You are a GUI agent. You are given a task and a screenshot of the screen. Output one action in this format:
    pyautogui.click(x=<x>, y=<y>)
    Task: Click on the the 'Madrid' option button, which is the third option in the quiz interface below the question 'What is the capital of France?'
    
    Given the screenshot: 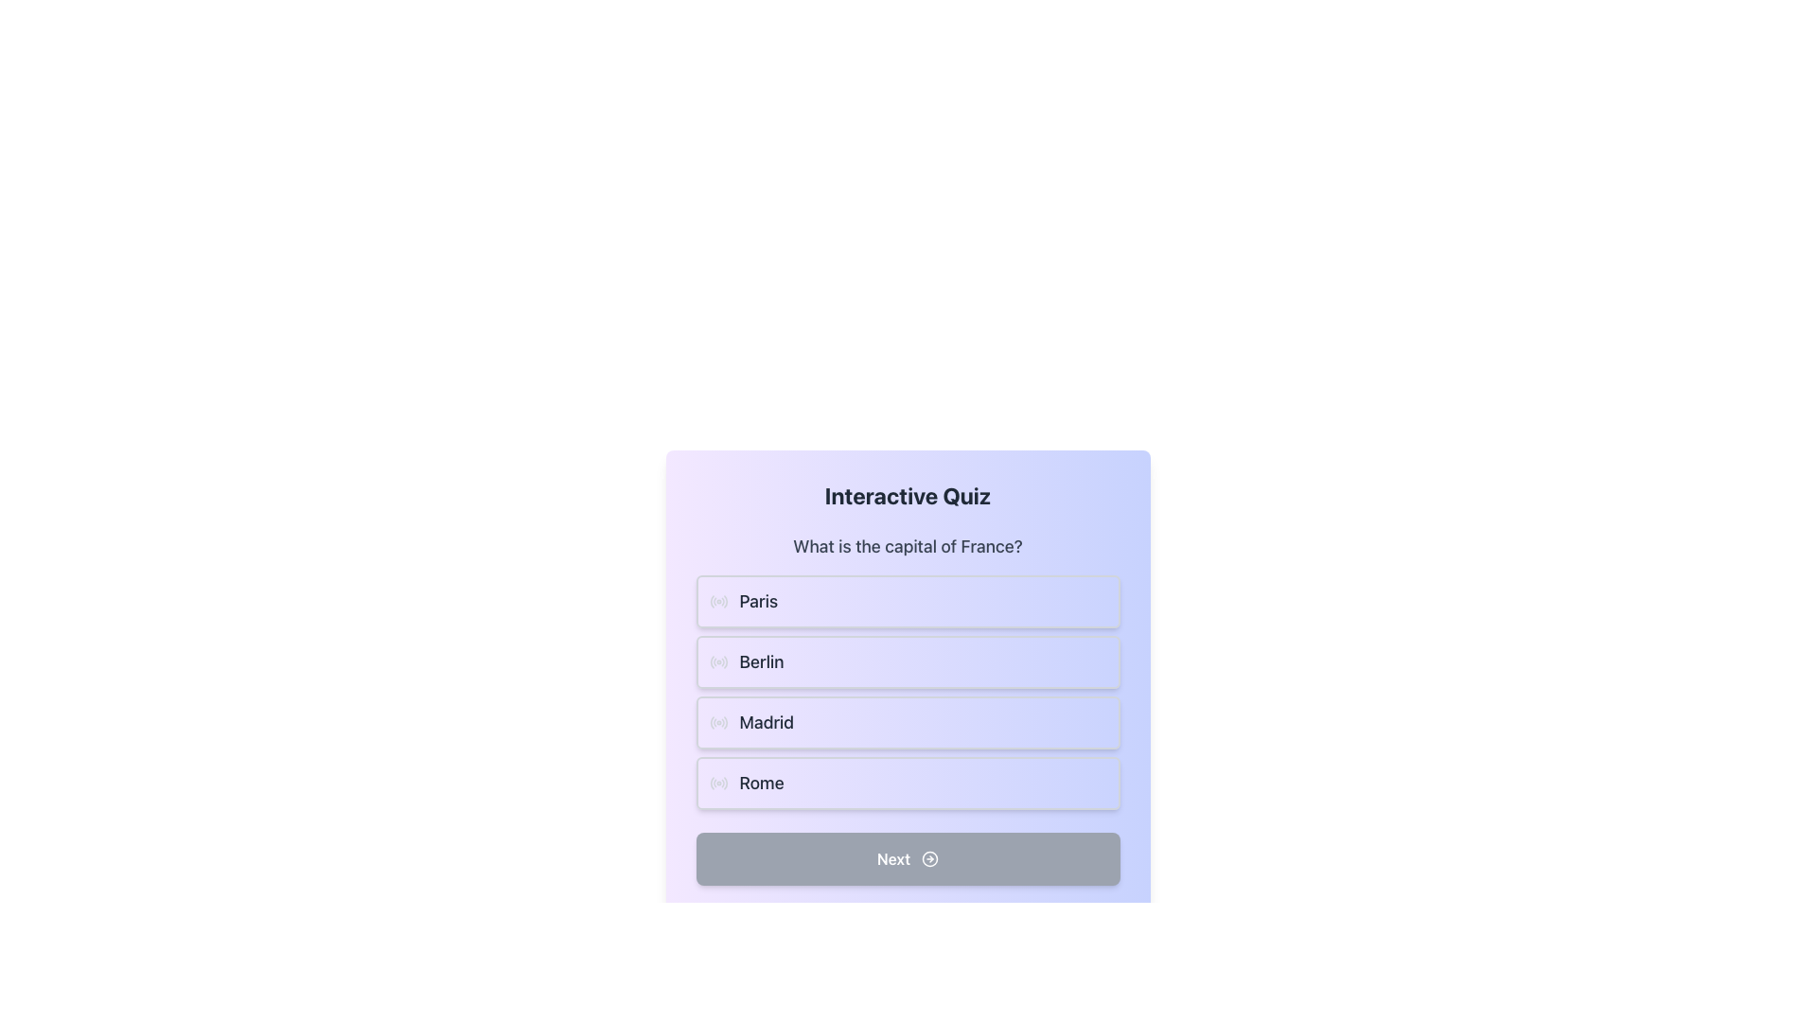 What is the action you would take?
    pyautogui.click(x=907, y=704)
    